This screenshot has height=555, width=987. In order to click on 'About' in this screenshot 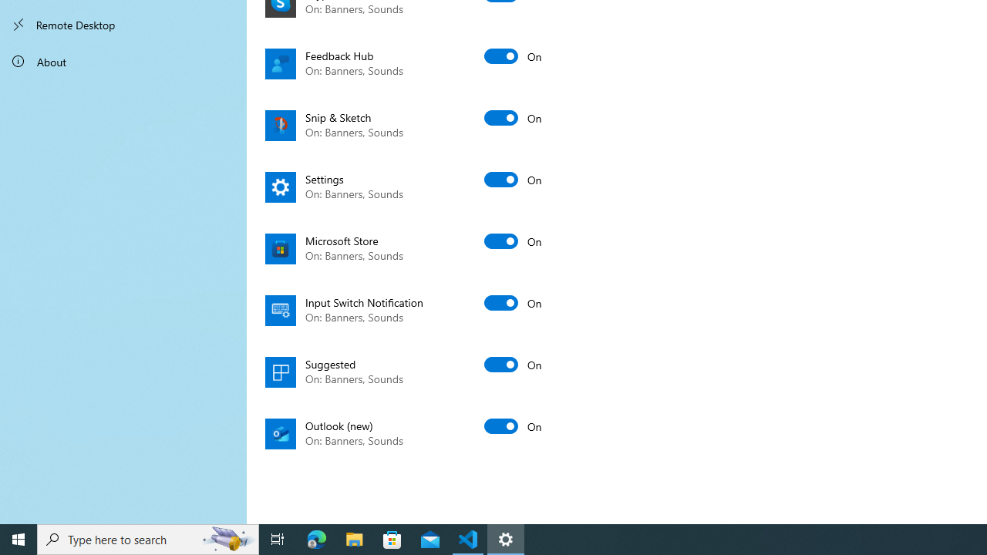, I will do `click(123, 60)`.